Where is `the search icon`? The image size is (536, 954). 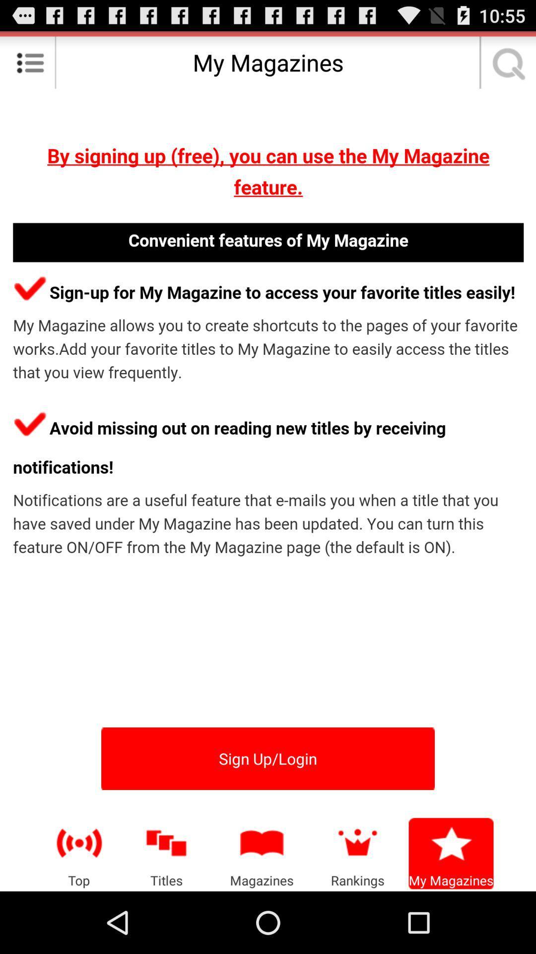 the search icon is located at coordinates (505, 66).